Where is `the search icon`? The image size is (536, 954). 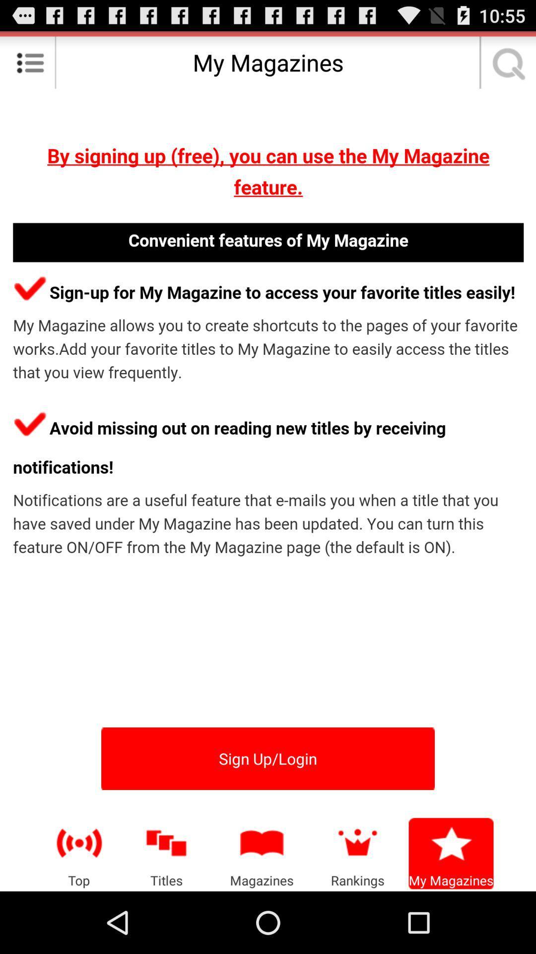 the search icon is located at coordinates (505, 66).